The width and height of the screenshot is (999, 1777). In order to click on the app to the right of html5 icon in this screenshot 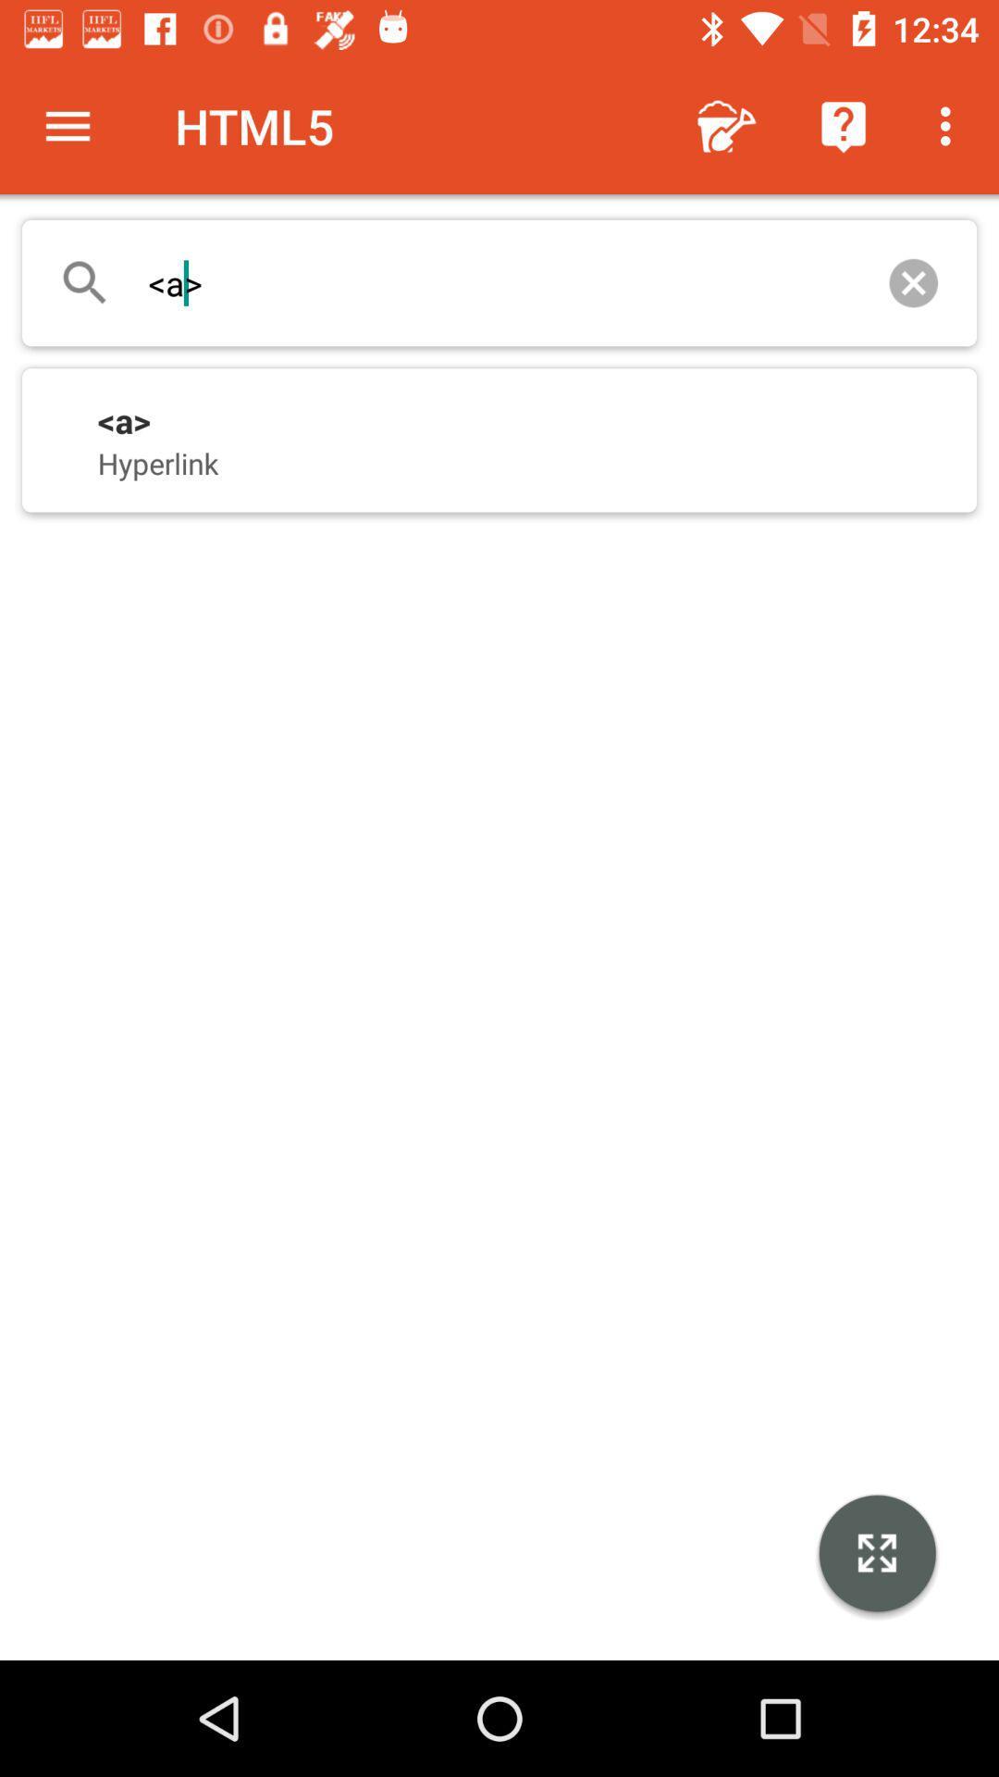, I will do `click(726, 125)`.